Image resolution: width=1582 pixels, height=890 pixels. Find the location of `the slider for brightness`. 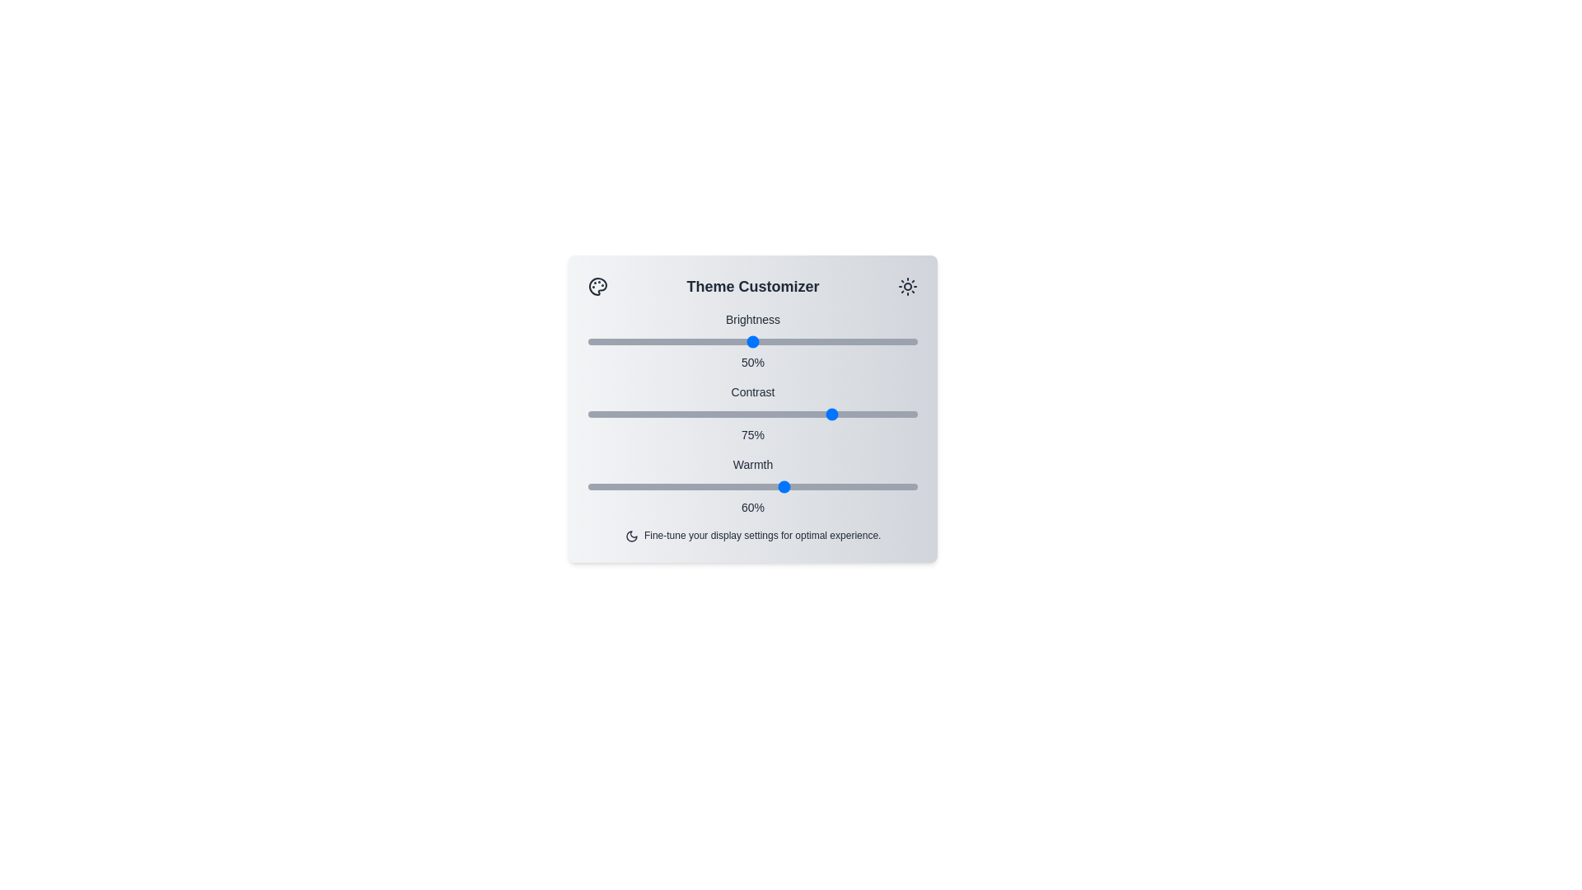

the slider for brightness is located at coordinates (751, 341).